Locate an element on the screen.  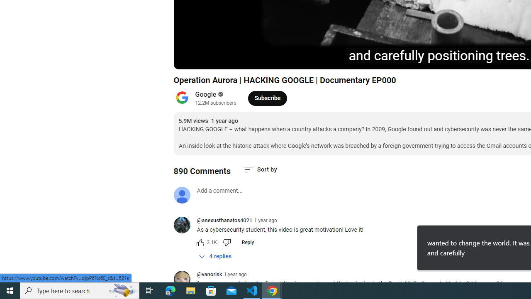
'@vanorisk' is located at coordinates (209, 275).